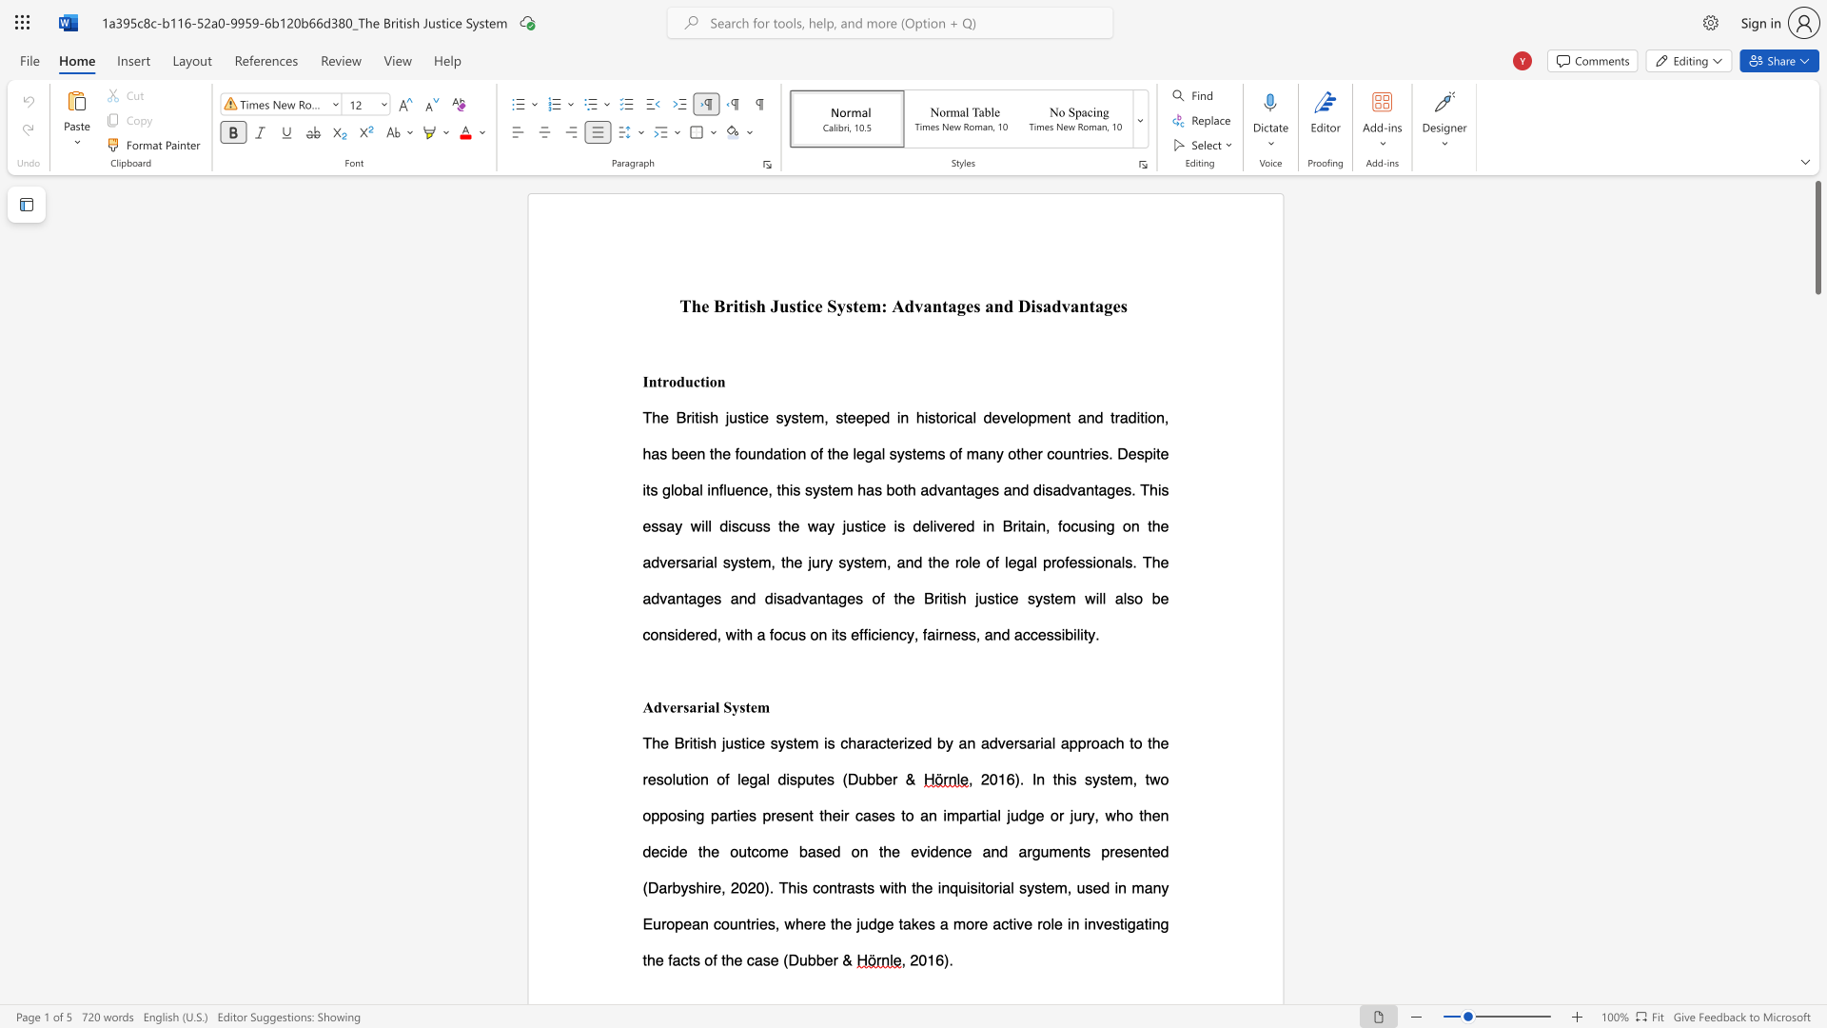  I want to click on the 3th character "m" in the text, so click(959, 922).